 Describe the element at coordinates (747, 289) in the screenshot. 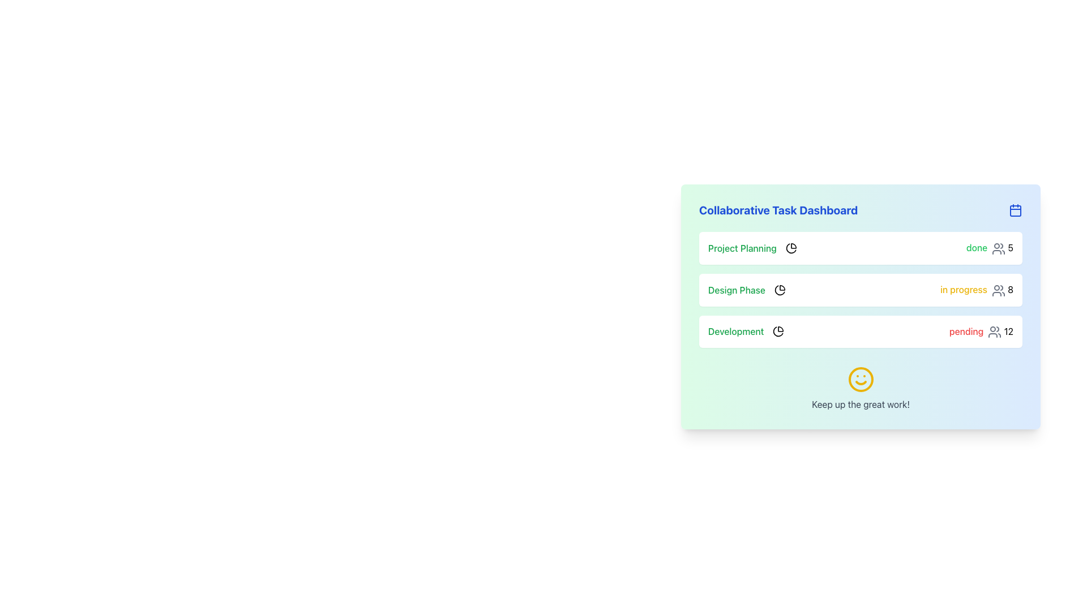

I see `text 'Design Phase' displayed in bold, green font with a pie chart icon on its right, located in the middle section of the progress information card` at that location.